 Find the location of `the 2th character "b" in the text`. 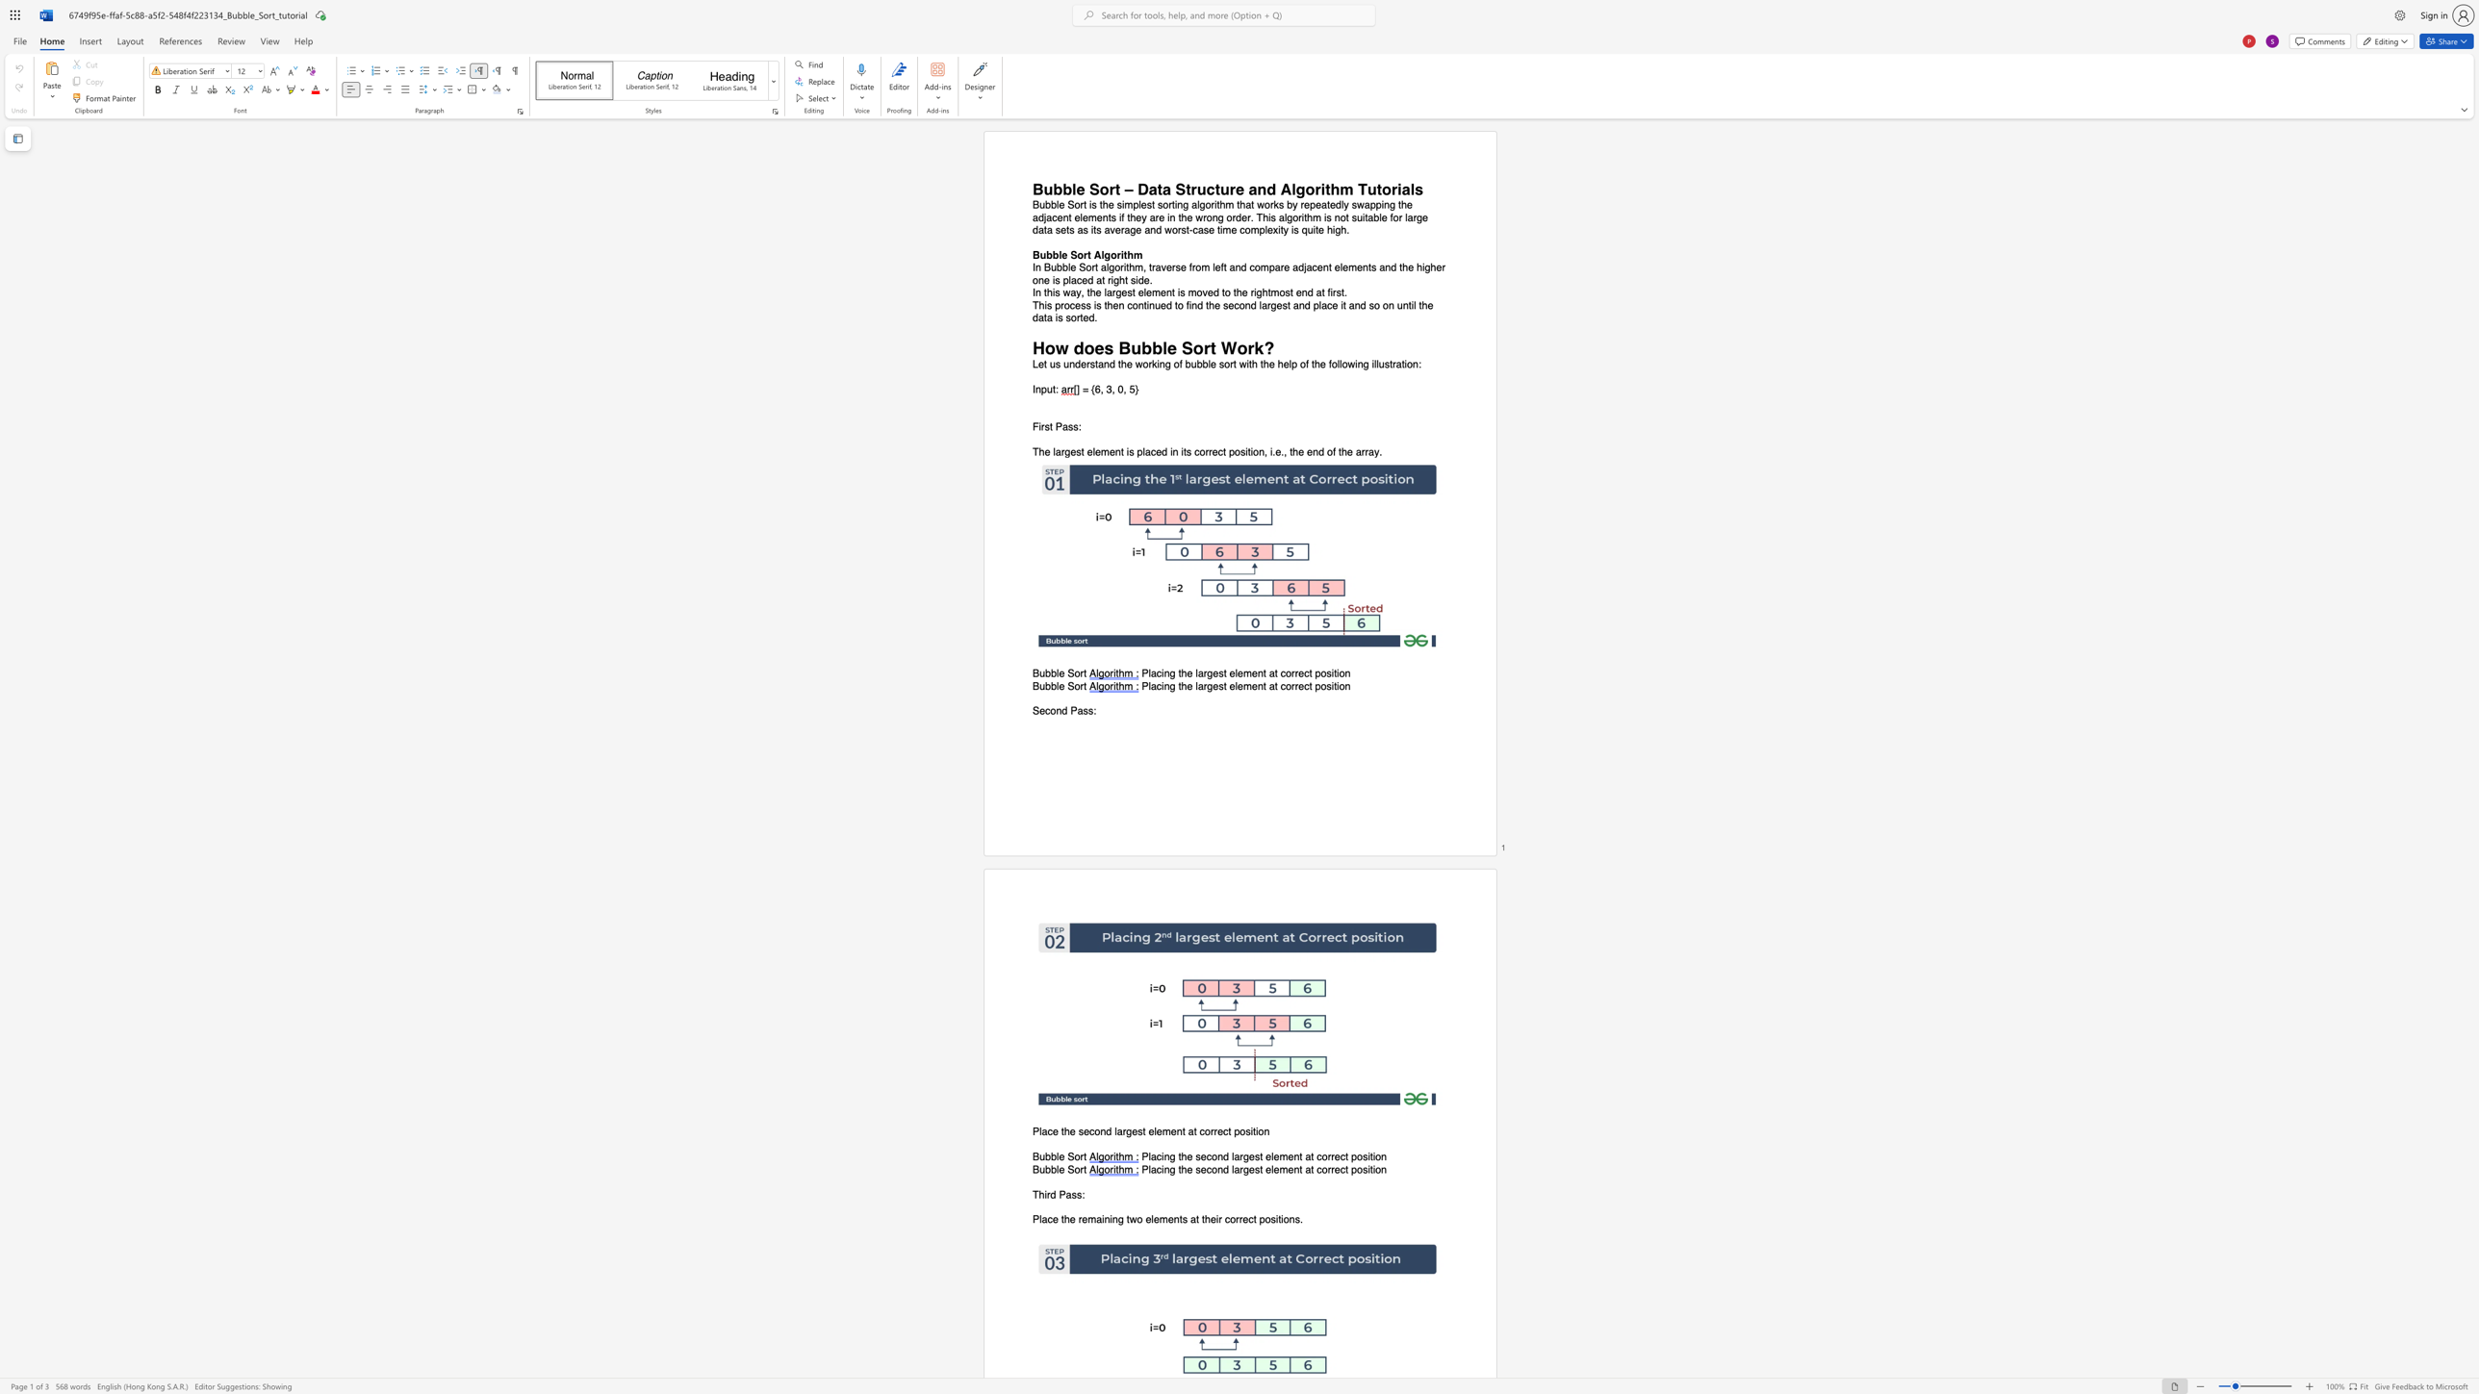

the 2th character "b" in the text is located at coordinates (1054, 673).